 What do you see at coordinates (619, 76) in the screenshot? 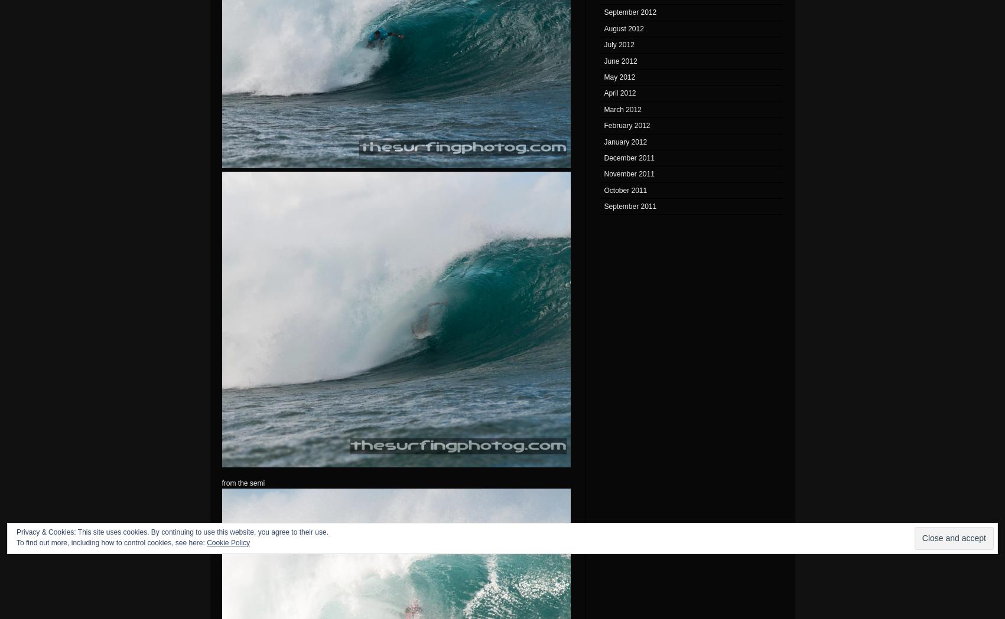
I see `'May 2012'` at bounding box center [619, 76].